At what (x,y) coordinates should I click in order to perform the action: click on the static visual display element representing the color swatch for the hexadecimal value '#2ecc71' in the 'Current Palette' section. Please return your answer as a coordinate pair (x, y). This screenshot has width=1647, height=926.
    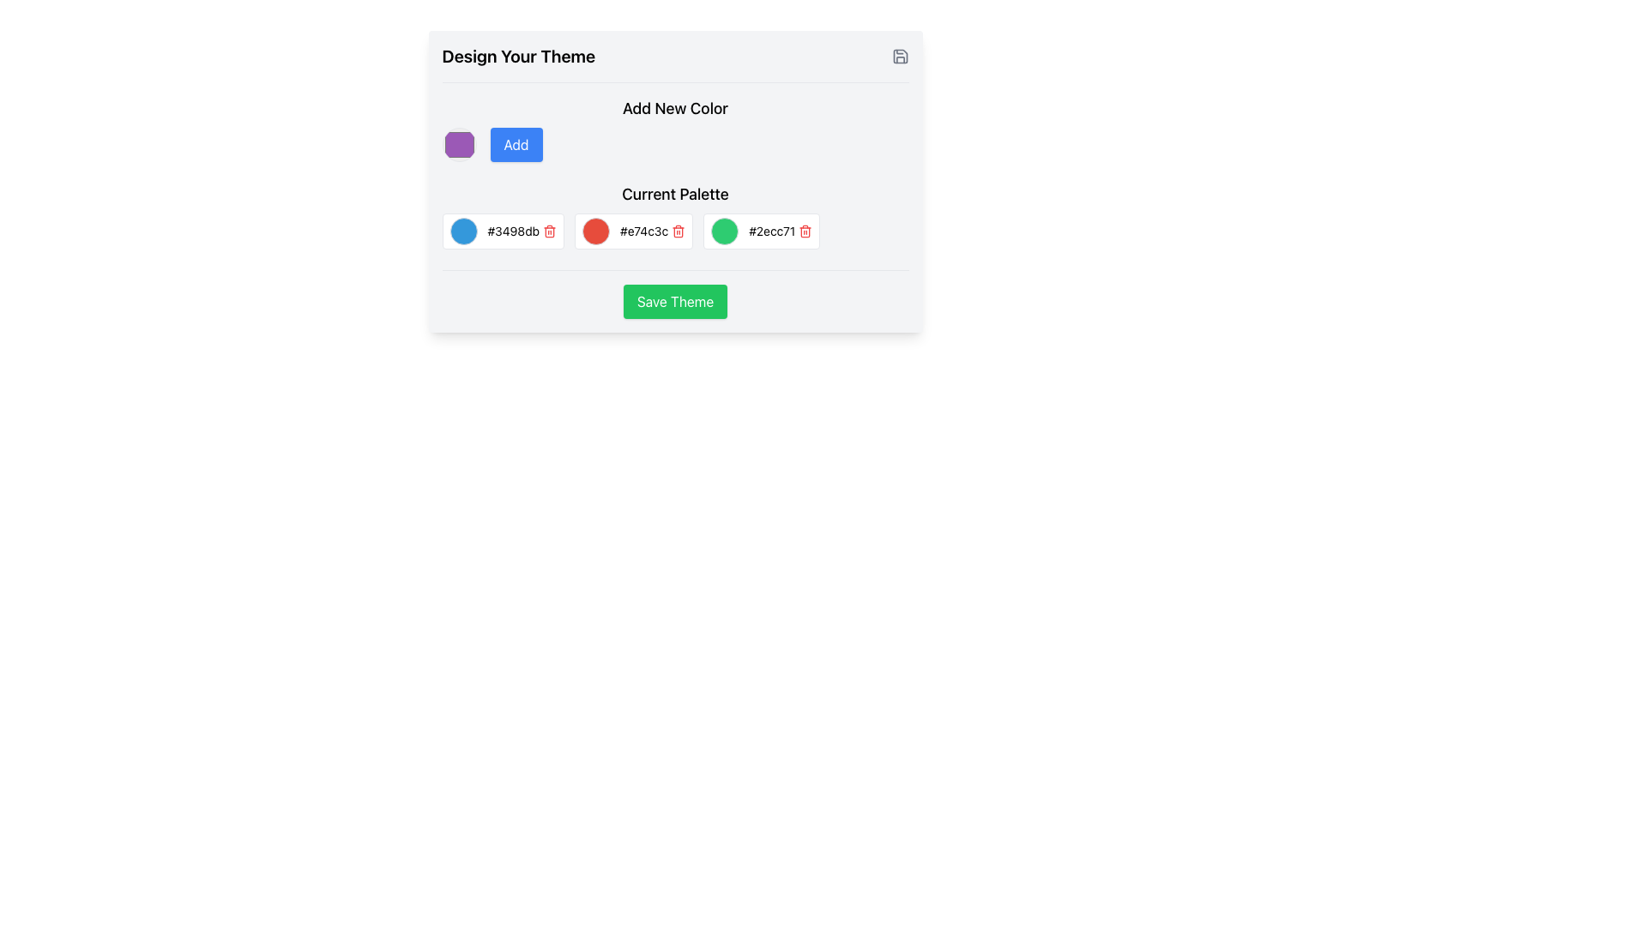
    Looking at the image, I should click on (725, 231).